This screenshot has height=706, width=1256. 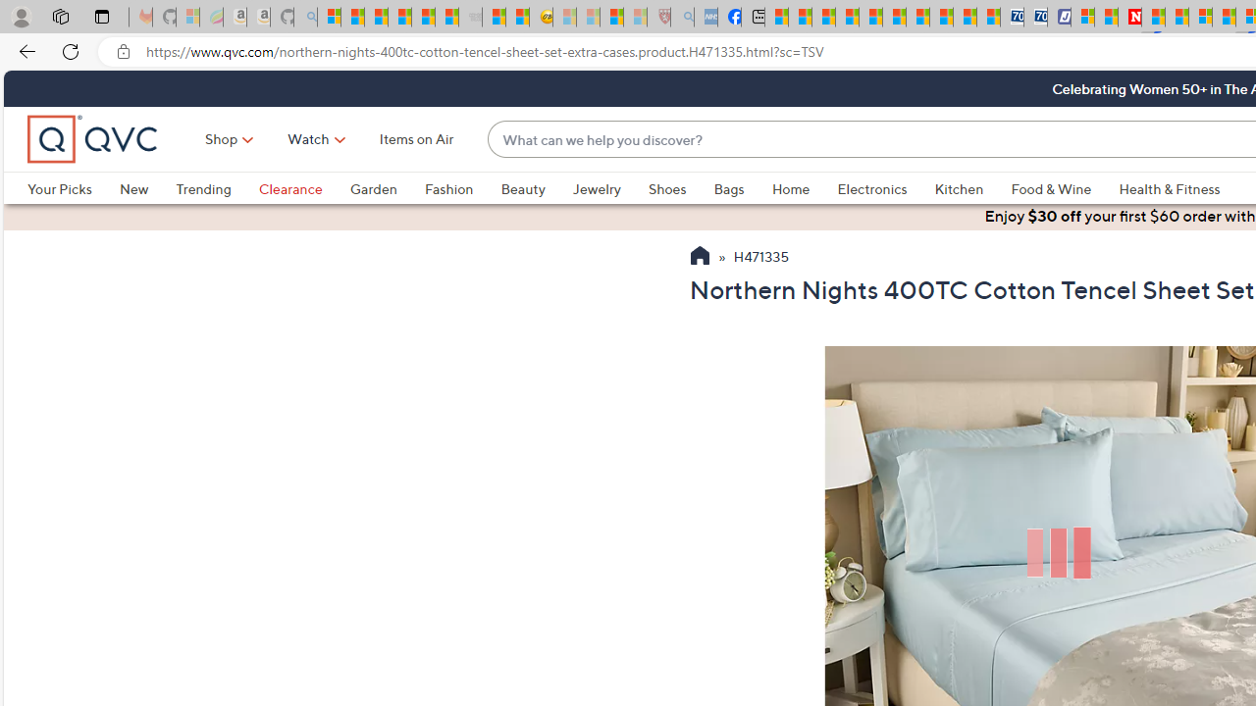 I want to click on 'Health & Fitness', so click(x=1170, y=188).